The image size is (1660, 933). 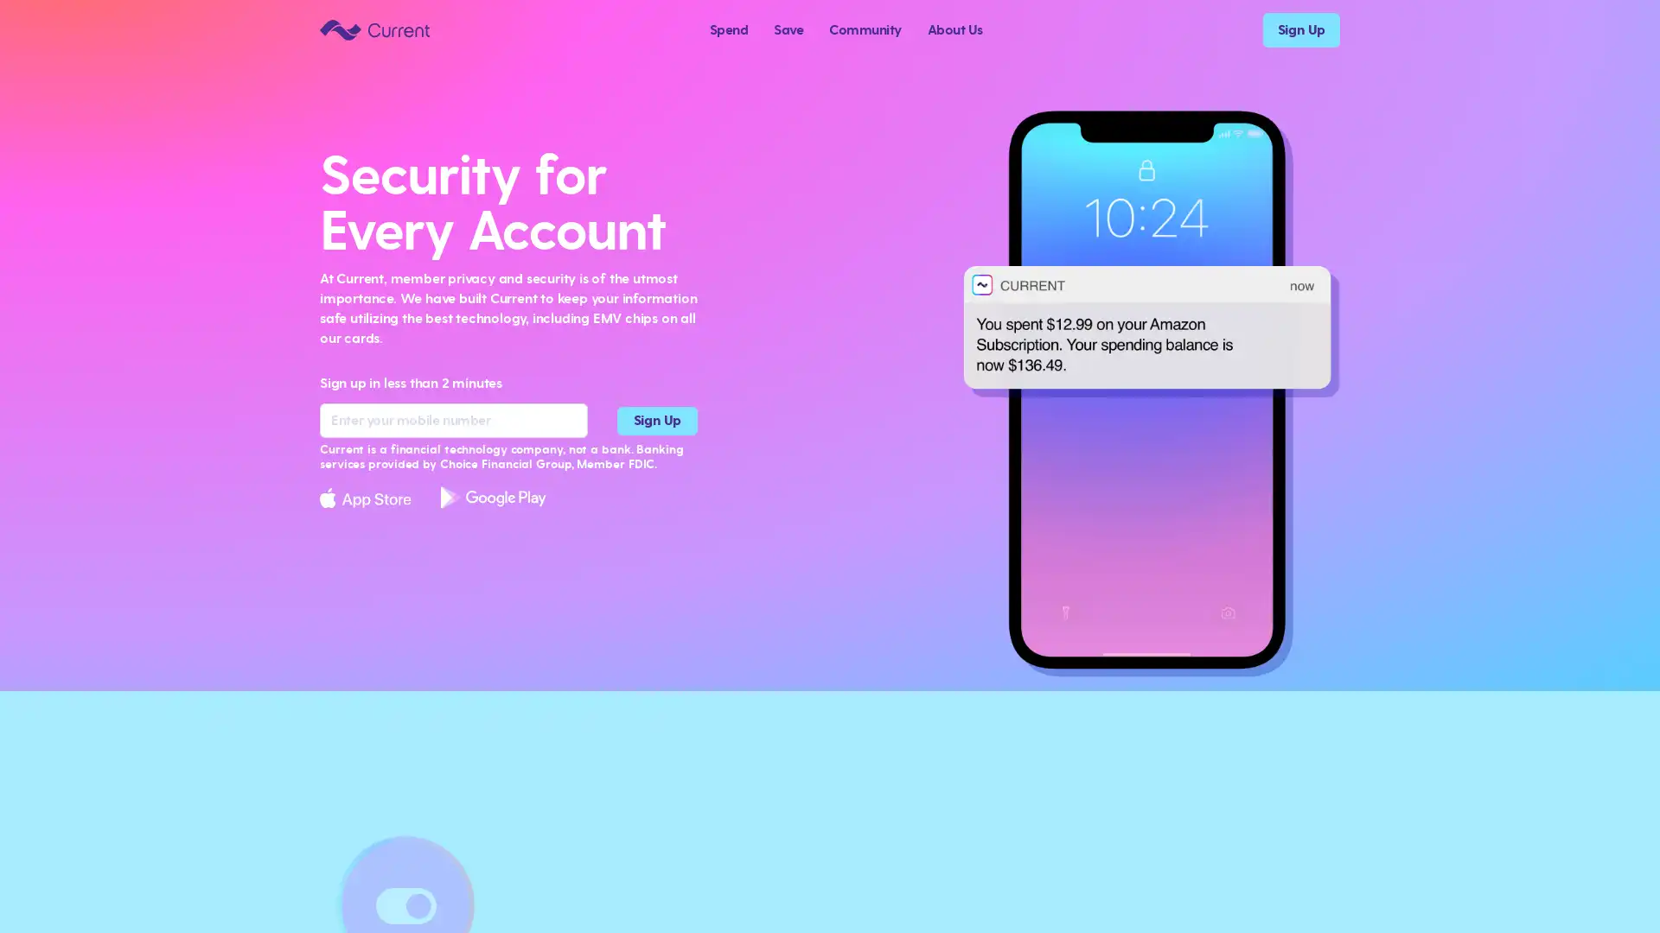 I want to click on Sign Up, so click(x=646, y=420).